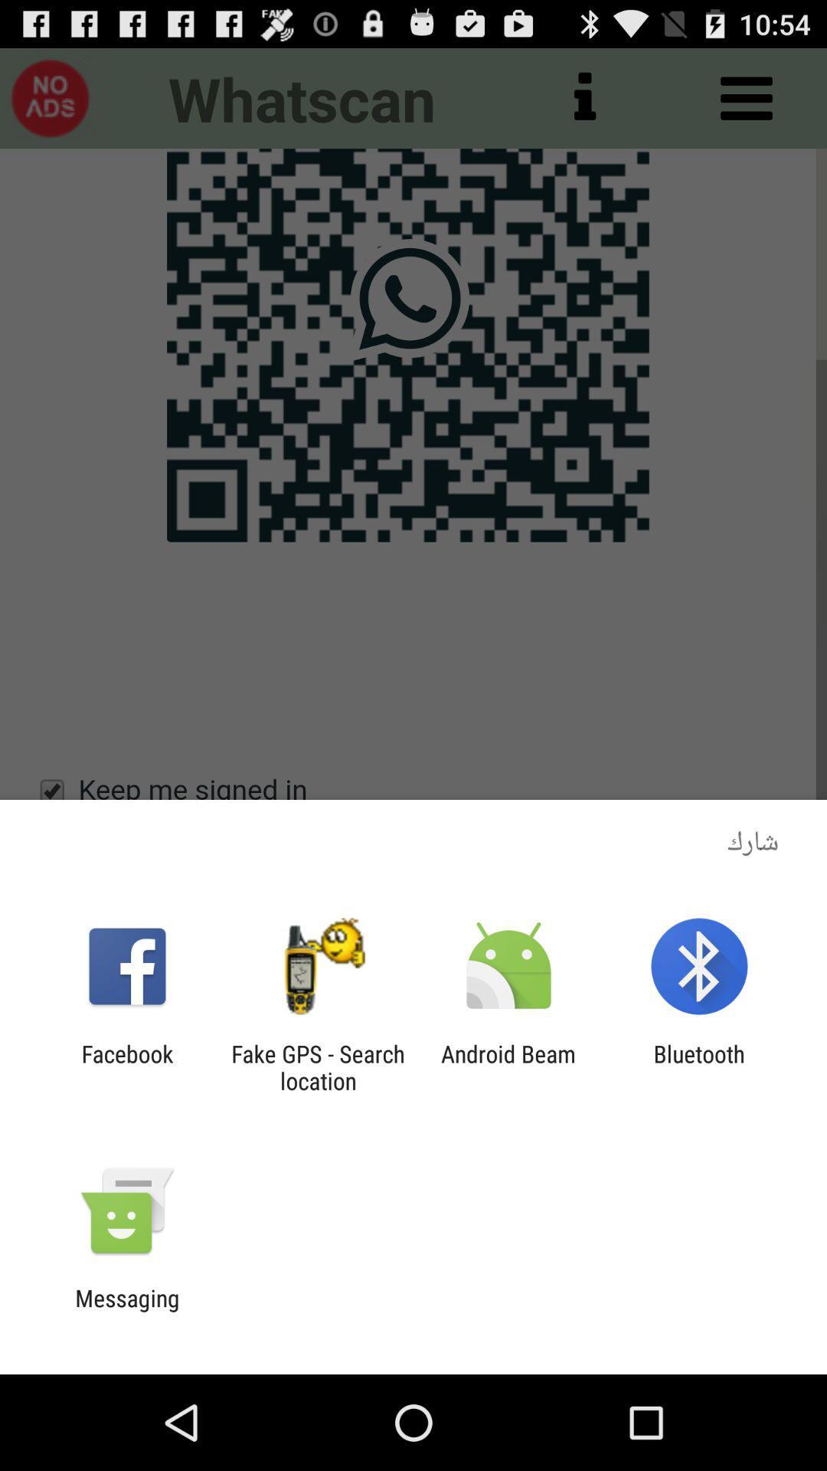 This screenshot has height=1471, width=827. What do you see at coordinates (508, 1066) in the screenshot?
I see `app next to the fake gps search` at bounding box center [508, 1066].